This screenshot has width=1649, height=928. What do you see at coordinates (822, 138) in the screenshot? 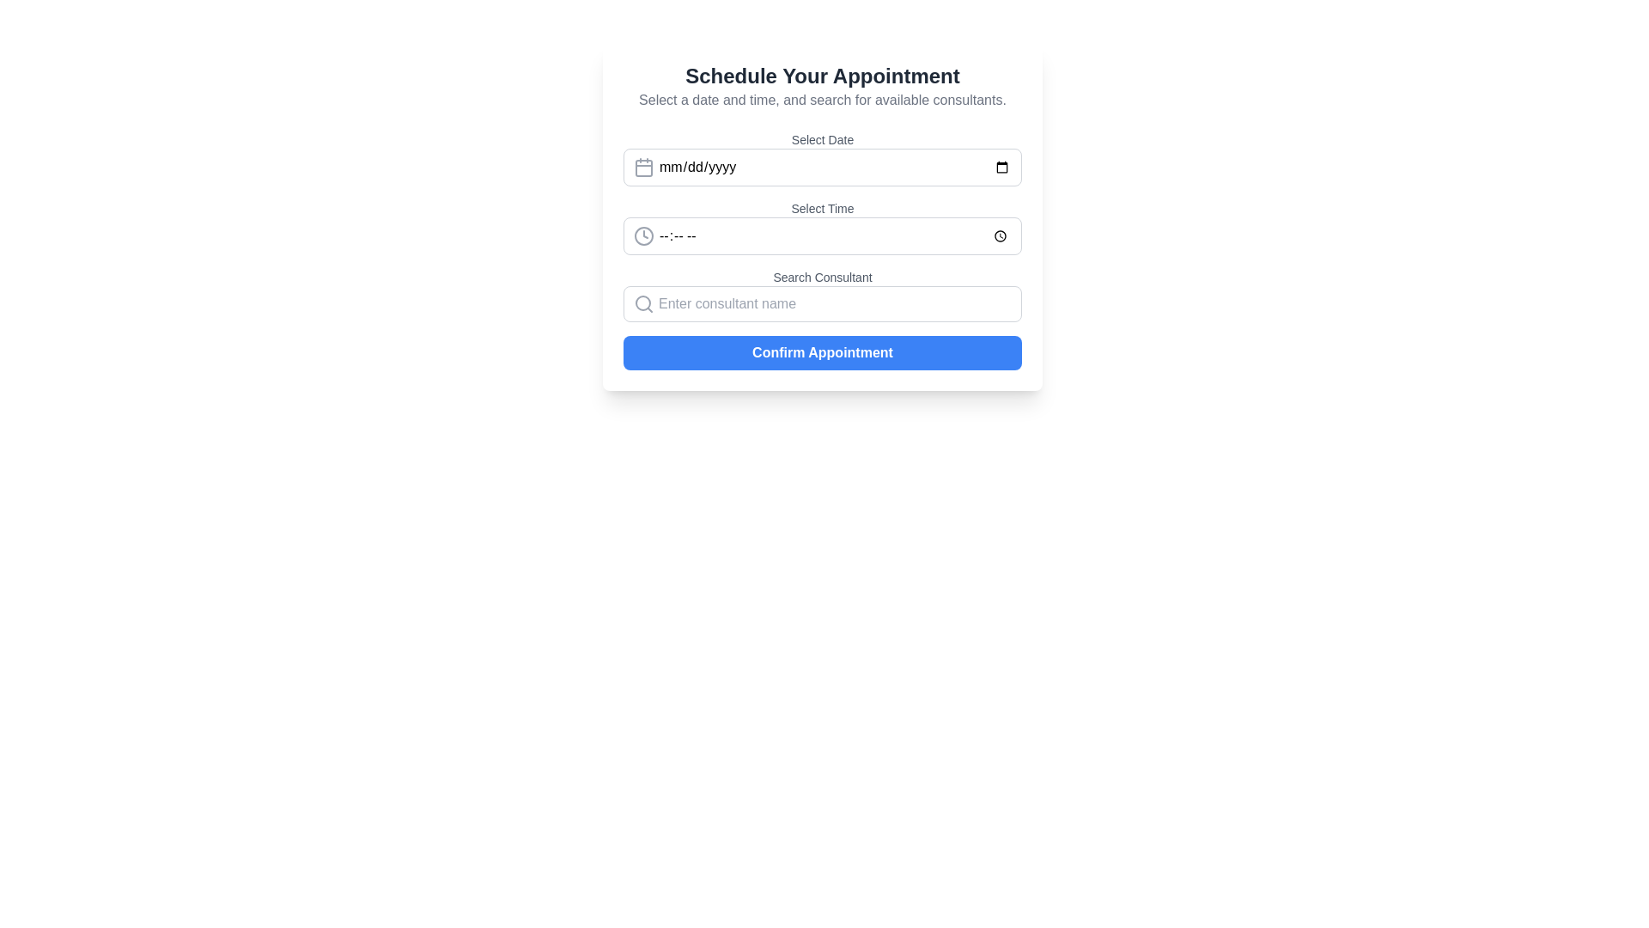
I see `the Text Label that instructs users to select a date, located above the date input field` at bounding box center [822, 138].